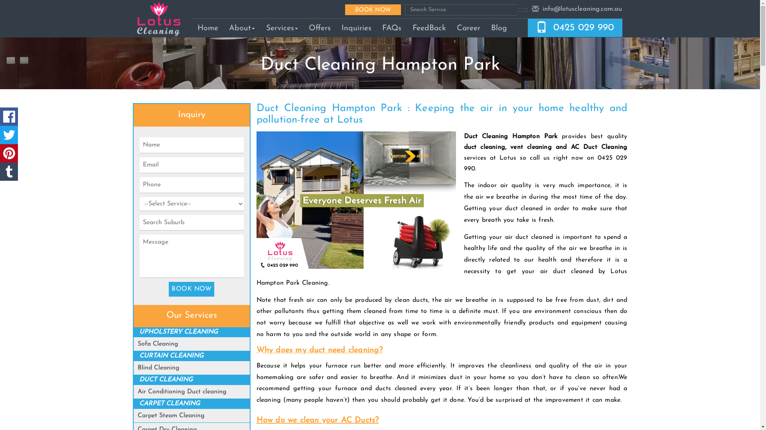  I want to click on 'CARPET CLEANING', so click(169, 404).